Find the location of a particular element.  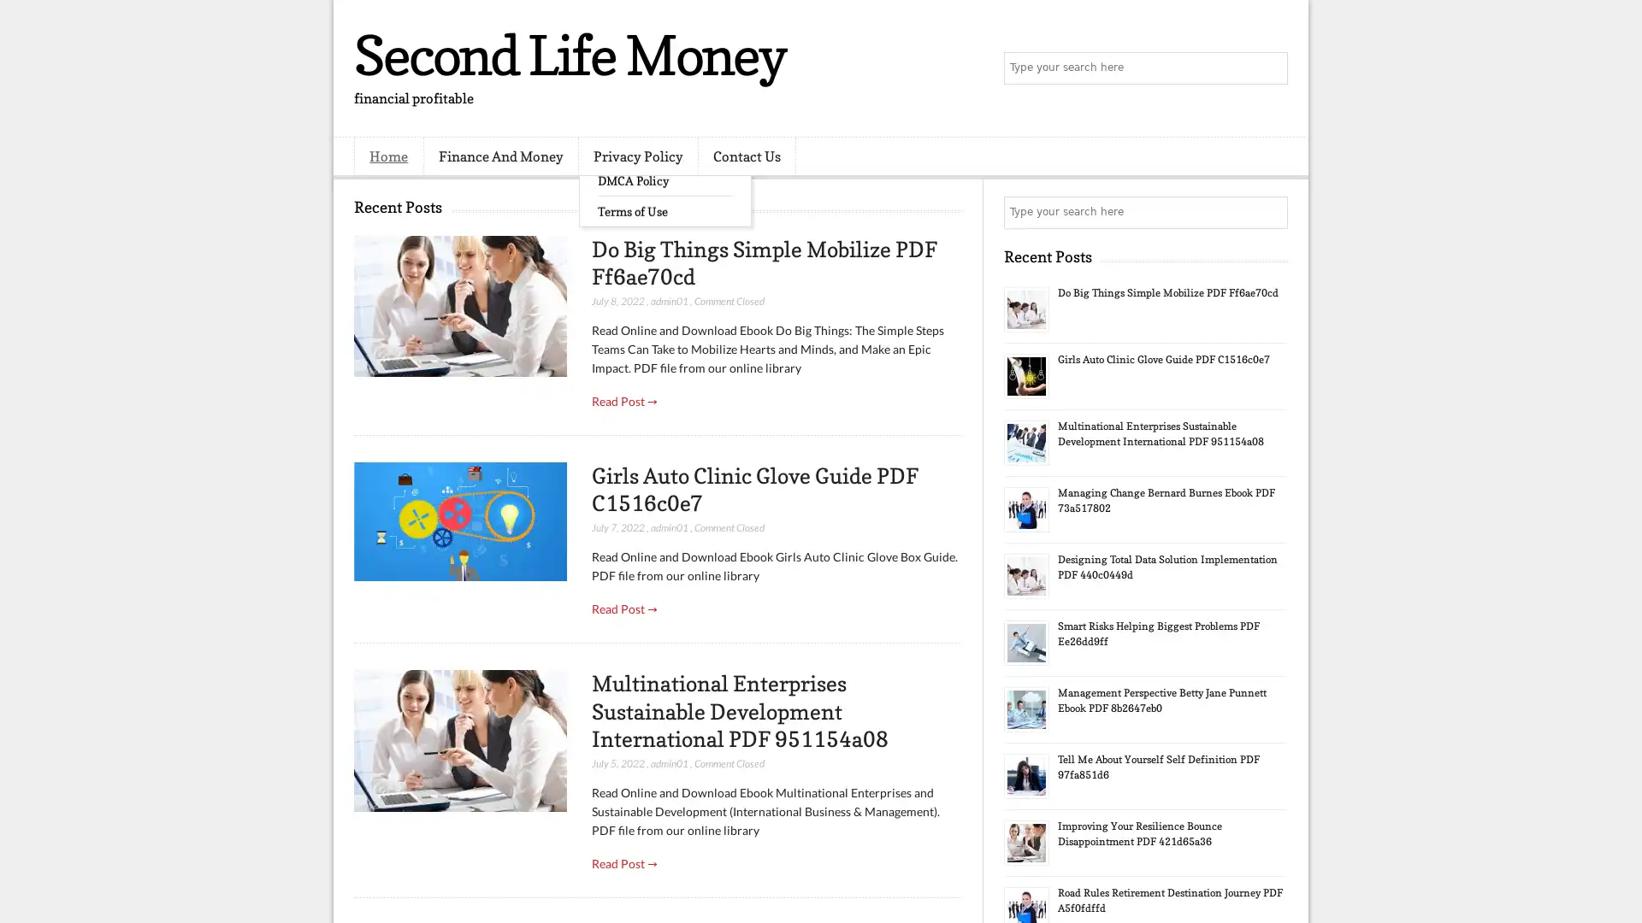

Search is located at coordinates (1270, 68).